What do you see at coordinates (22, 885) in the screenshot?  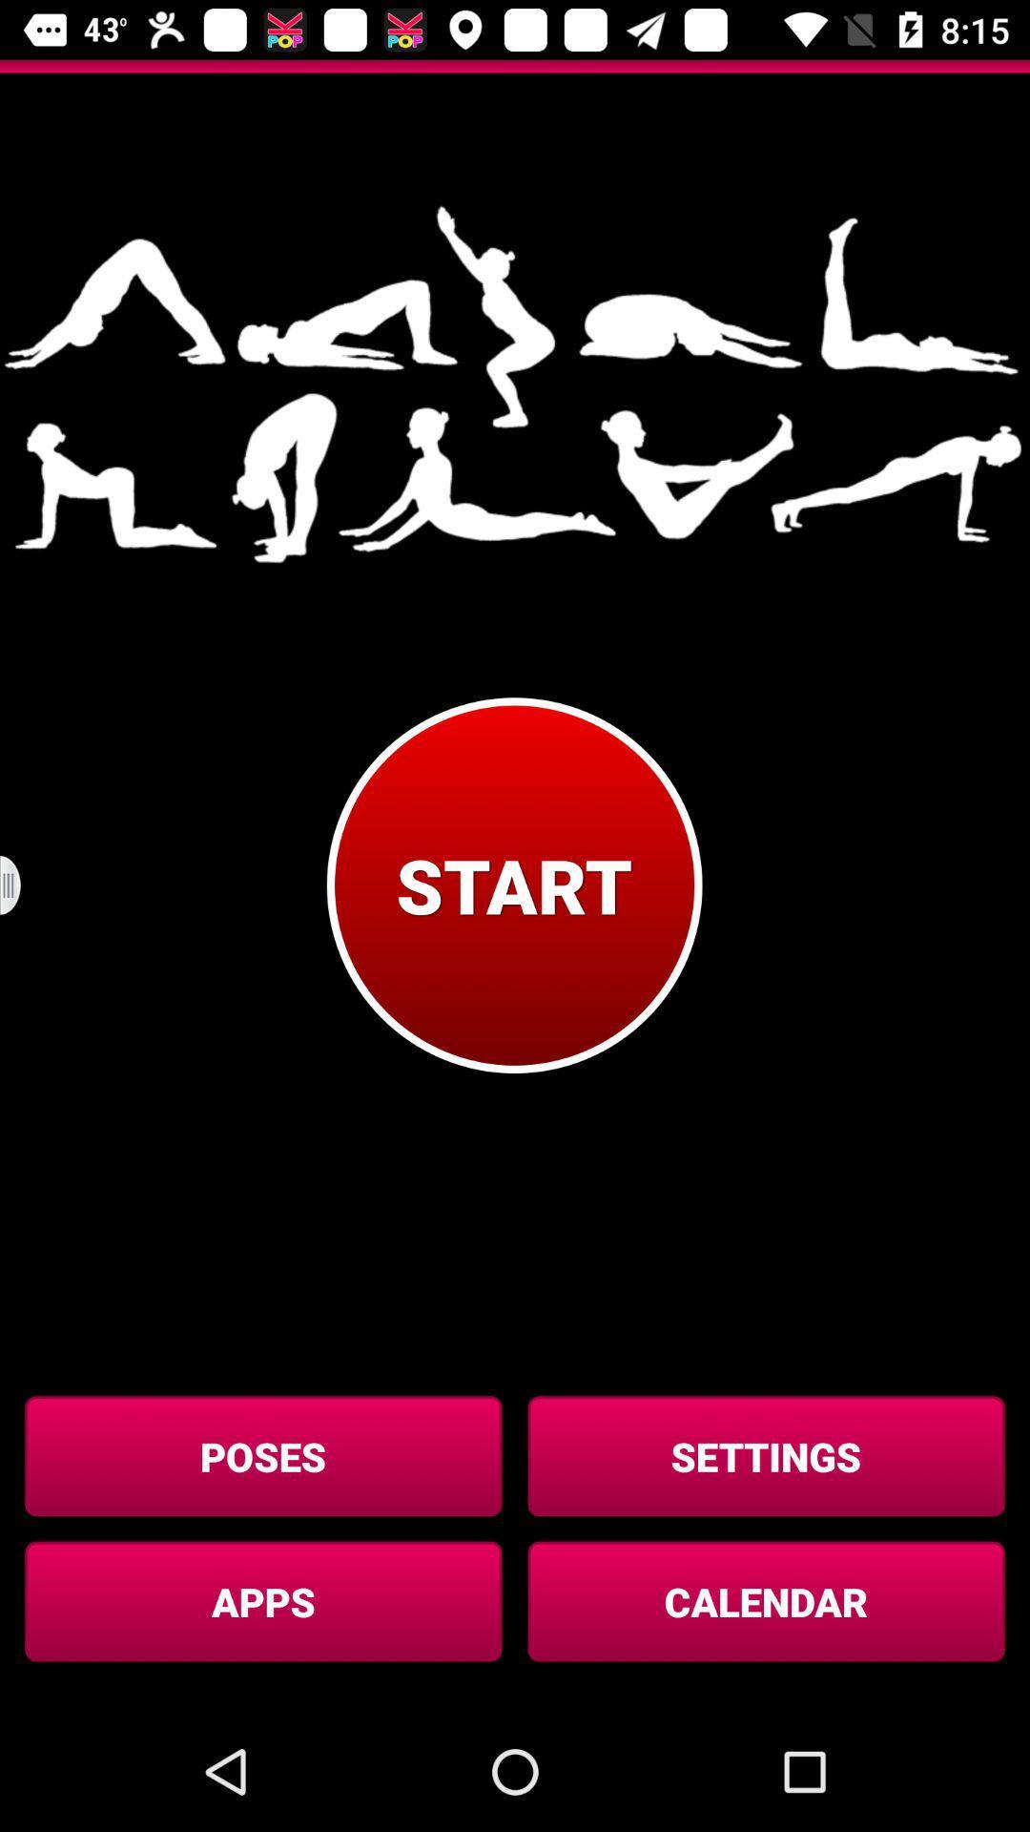 I see `button above the poses icon` at bounding box center [22, 885].